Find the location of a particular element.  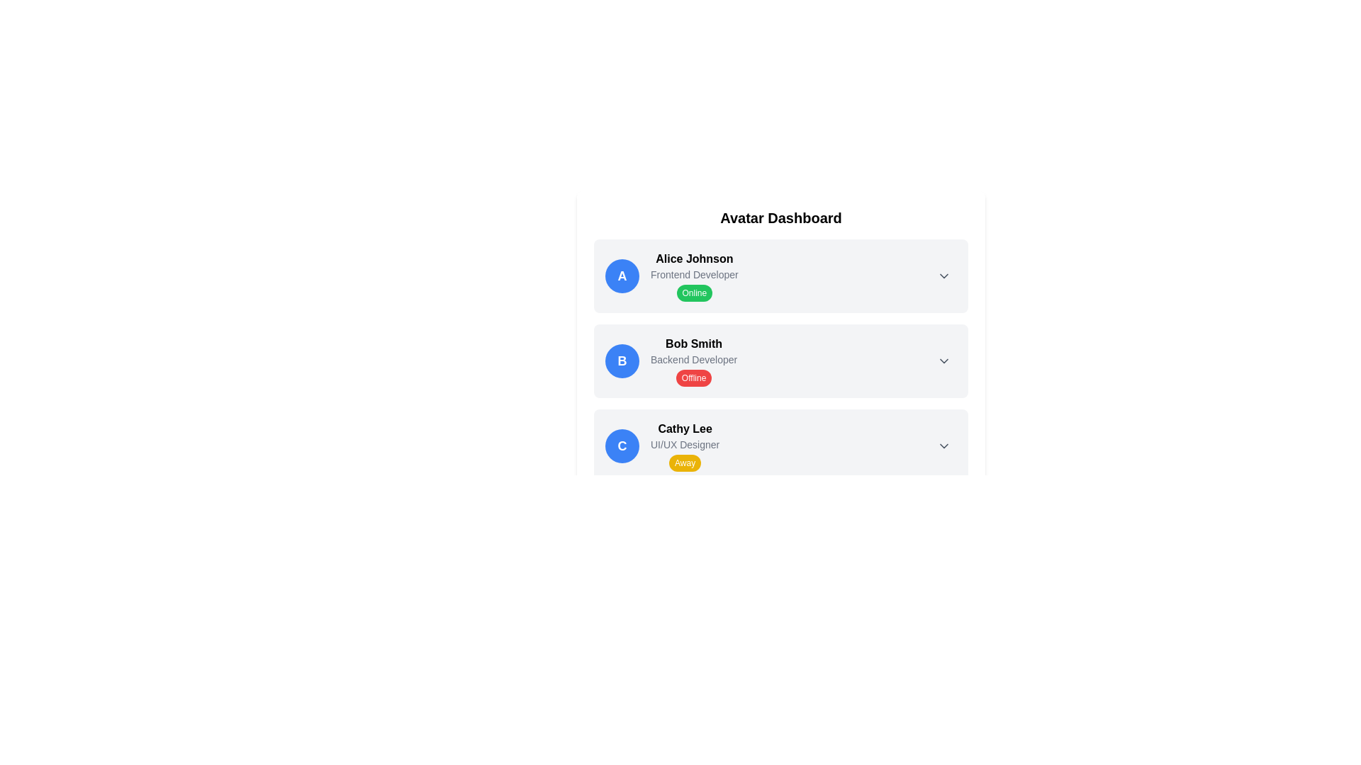

the Status Badge indicating 'Away' for user 'Cathy Lee', positioned below her name and job title in the list is located at coordinates (685, 463).